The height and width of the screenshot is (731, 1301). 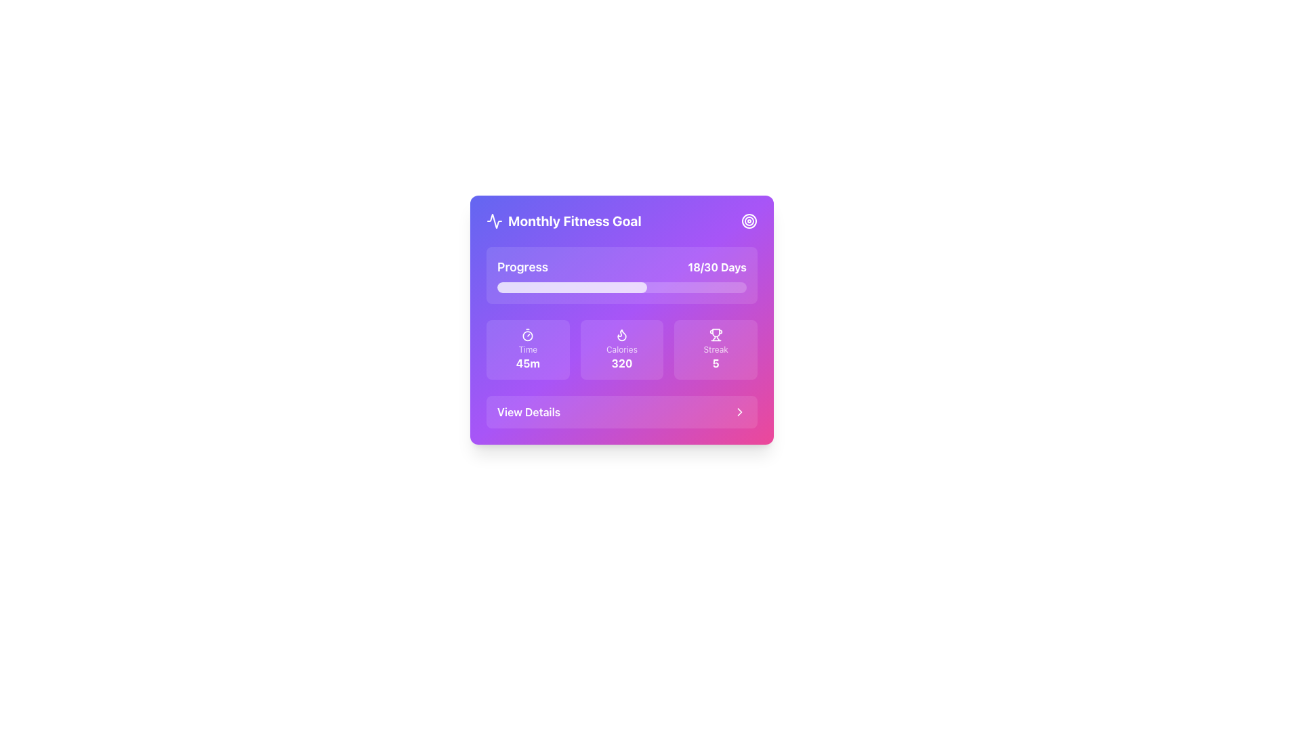 I want to click on the interactive button located below the statistics cards for 'Time', 'Calories', and 'Streak', so click(x=621, y=412).